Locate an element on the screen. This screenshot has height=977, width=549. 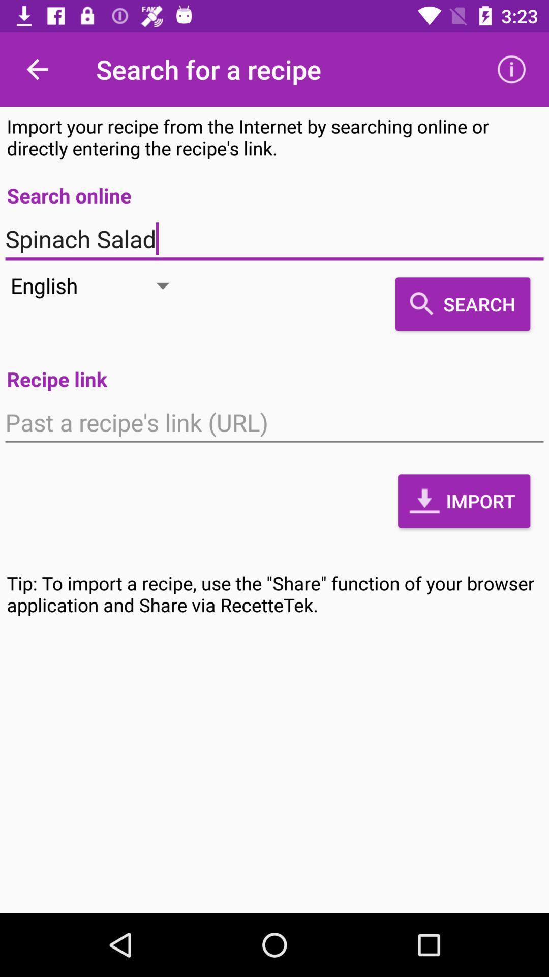
icon below search online is located at coordinates (274, 239).